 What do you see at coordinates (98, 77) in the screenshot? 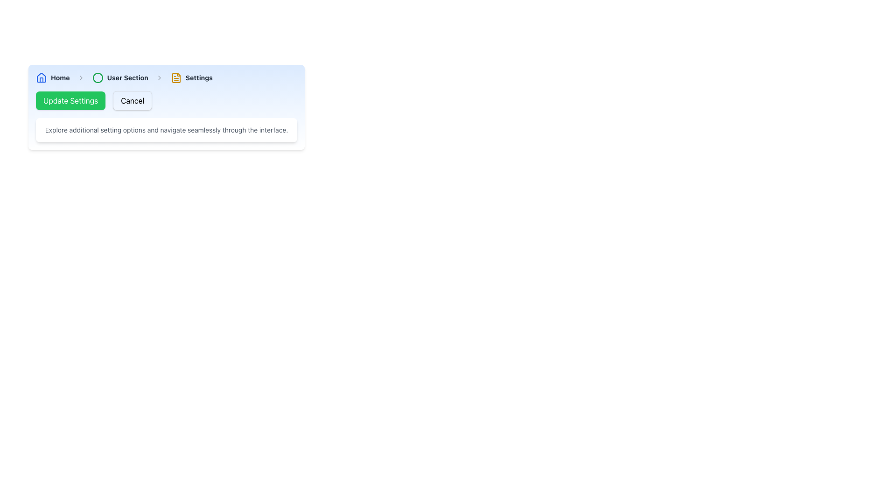
I see `the smaller circle inside the green circular icon in the breadcrumb navigation bar adjacent to the 'User Section' label` at bounding box center [98, 77].